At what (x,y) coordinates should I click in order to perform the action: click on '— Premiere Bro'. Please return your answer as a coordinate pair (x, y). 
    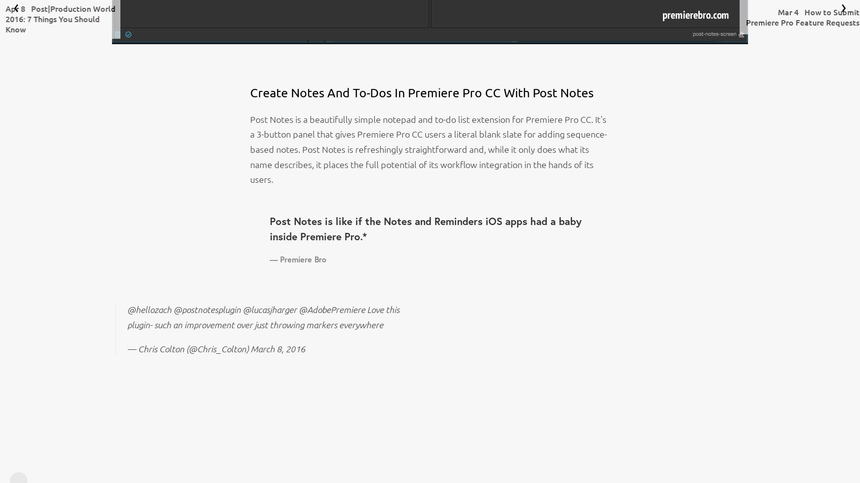
    Looking at the image, I should click on (297, 259).